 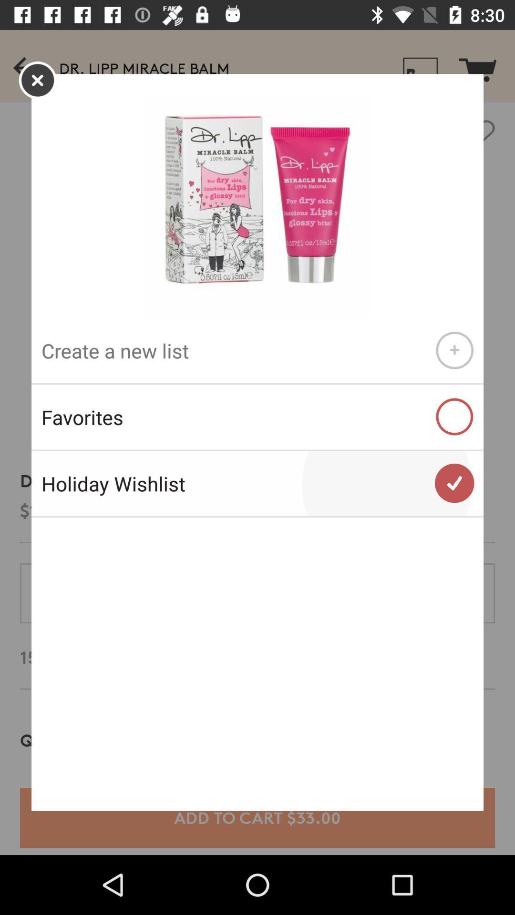 What do you see at coordinates (37, 80) in the screenshot?
I see `the close icon` at bounding box center [37, 80].